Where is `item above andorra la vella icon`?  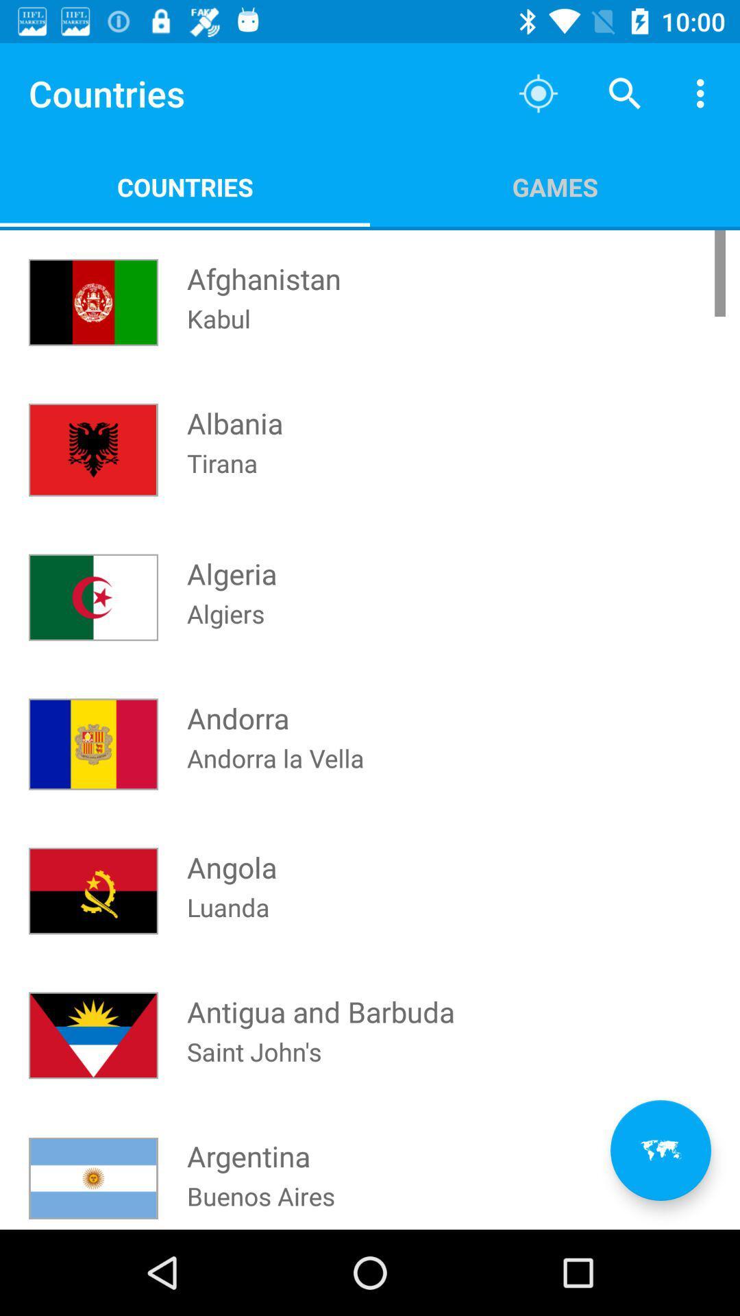
item above andorra la vella icon is located at coordinates (555, 186).